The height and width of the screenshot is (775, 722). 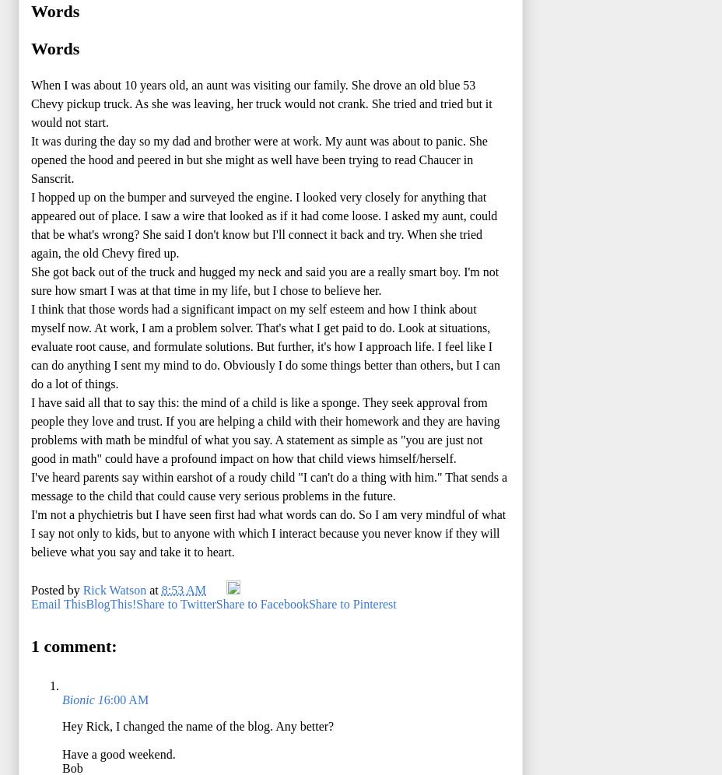 I want to click on '8:53 AM', so click(x=182, y=589).